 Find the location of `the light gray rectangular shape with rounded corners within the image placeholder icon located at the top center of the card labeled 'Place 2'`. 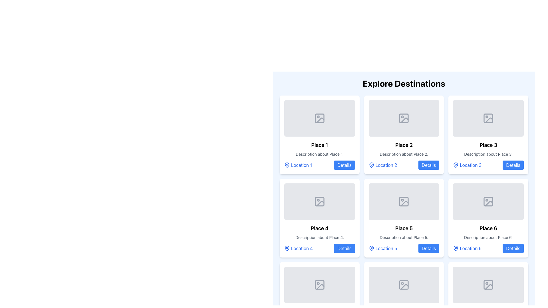

the light gray rectangular shape with rounded corners within the image placeholder icon located at the top center of the card labeled 'Place 2' is located at coordinates (404, 118).